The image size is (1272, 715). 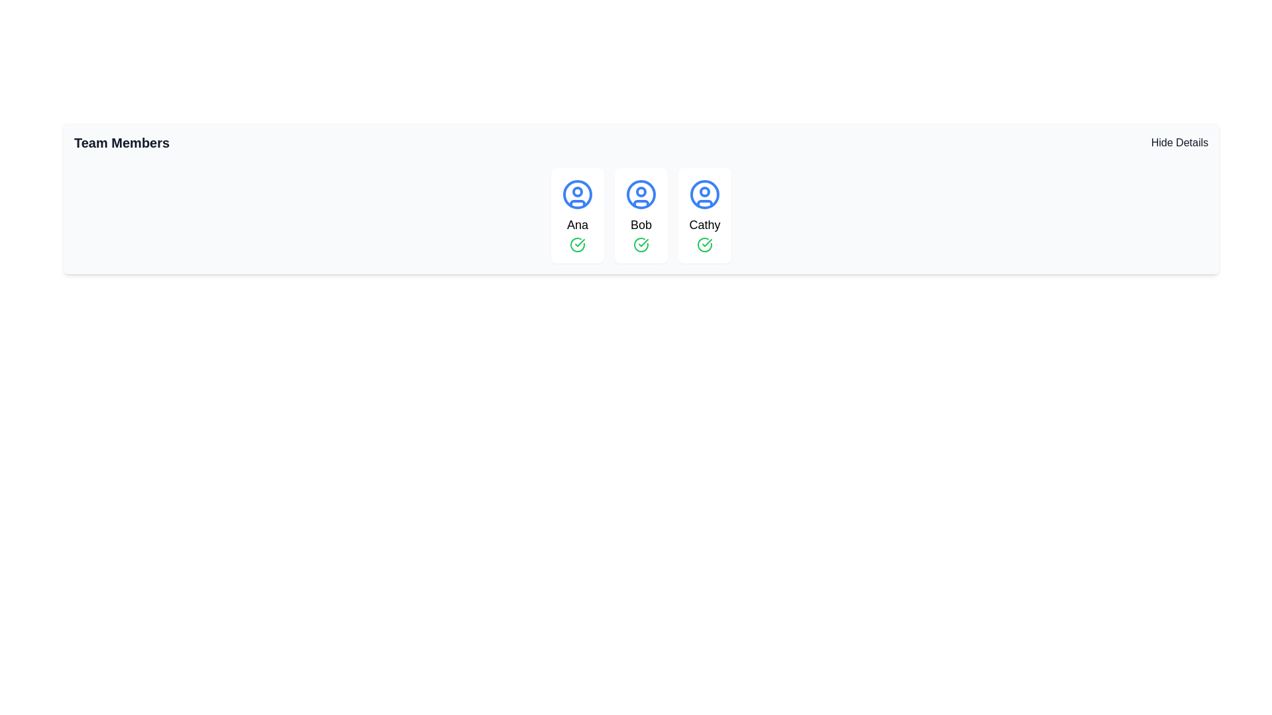 What do you see at coordinates (641, 245) in the screenshot?
I see `the second green checkmark icon within Bob's user card, which signifies successful validation or confirmation` at bounding box center [641, 245].